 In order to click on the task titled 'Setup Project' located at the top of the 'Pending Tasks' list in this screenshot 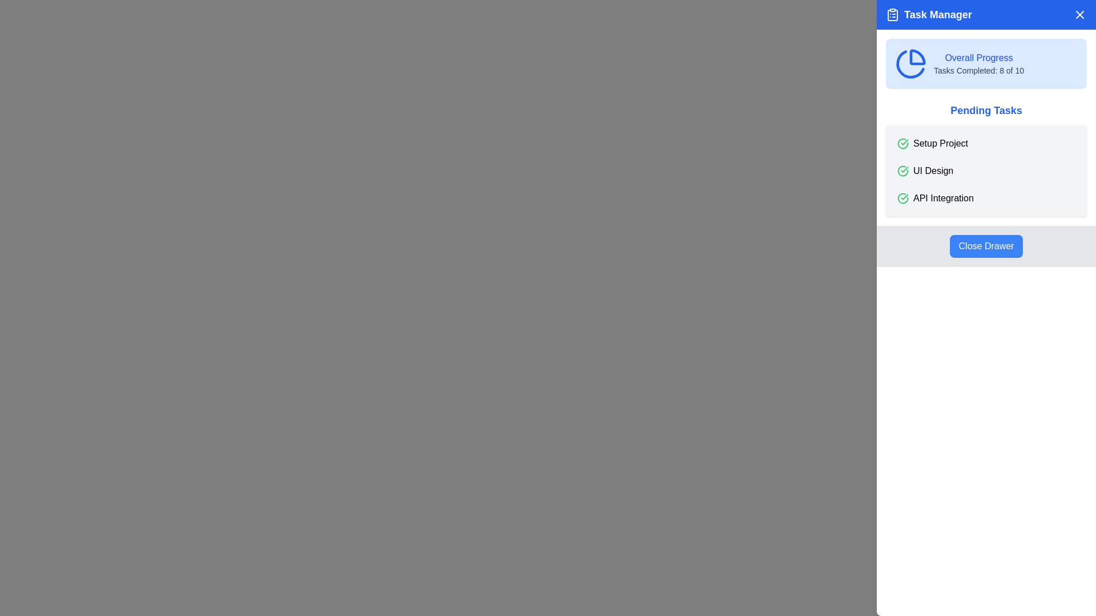, I will do `click(986, 143)`.